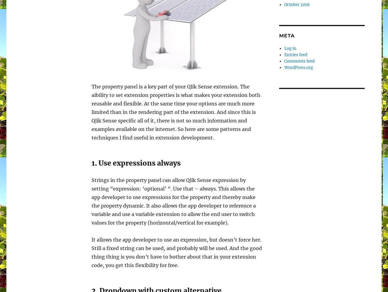 The height and width of the screenshot is (292, 388). Describe the element at coordinates (299, 61) in the screenshot. I see `'Comments feed'` at that location.